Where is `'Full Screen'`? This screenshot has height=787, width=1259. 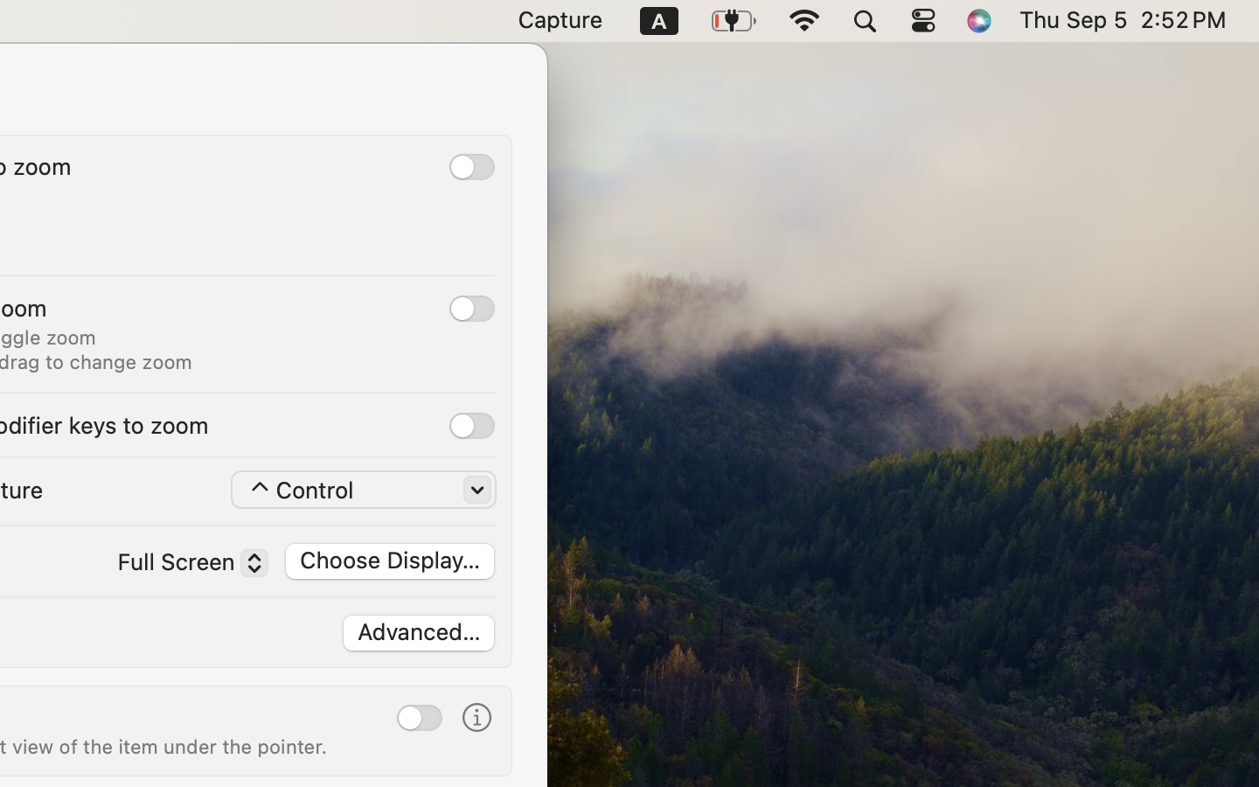
'Full Screen' is located at coordinates (184, 566).